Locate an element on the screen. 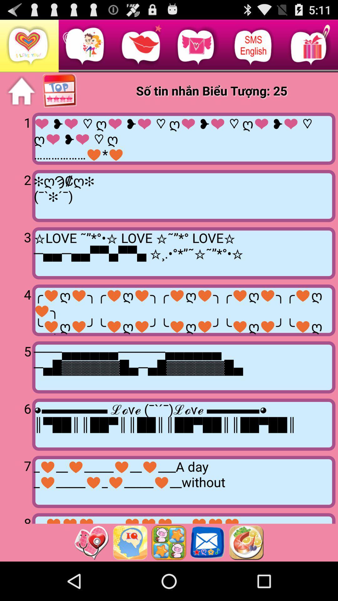  the 2 is located at coordinates (17, 195).